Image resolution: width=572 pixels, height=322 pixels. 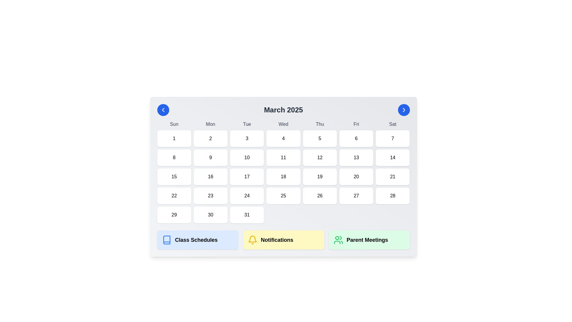 I want to click on the text display element that shows 'March 2025', which is centrally positioned in the calendar interface and flanked by circular navigation buttons, so click(x=283, y=110).